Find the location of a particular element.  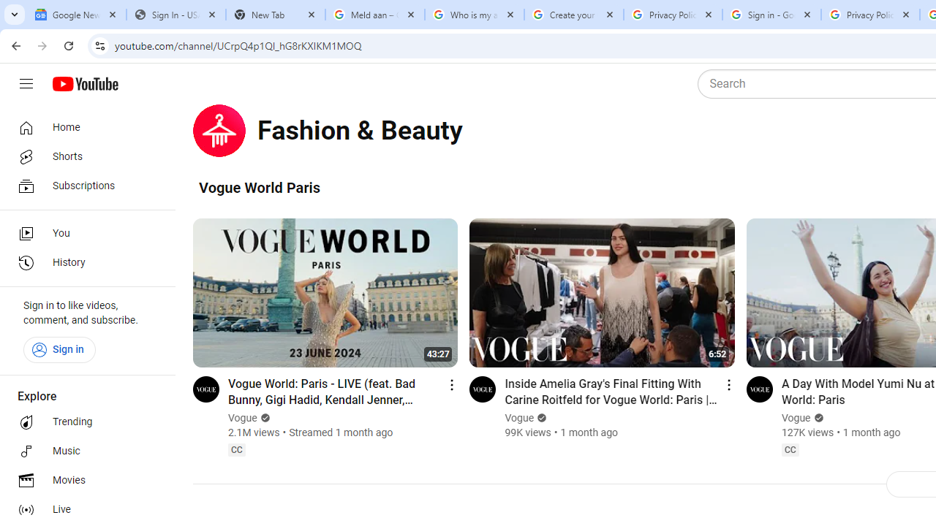

'Sign In - USA TODAY' is located at coordinates (175, 15).